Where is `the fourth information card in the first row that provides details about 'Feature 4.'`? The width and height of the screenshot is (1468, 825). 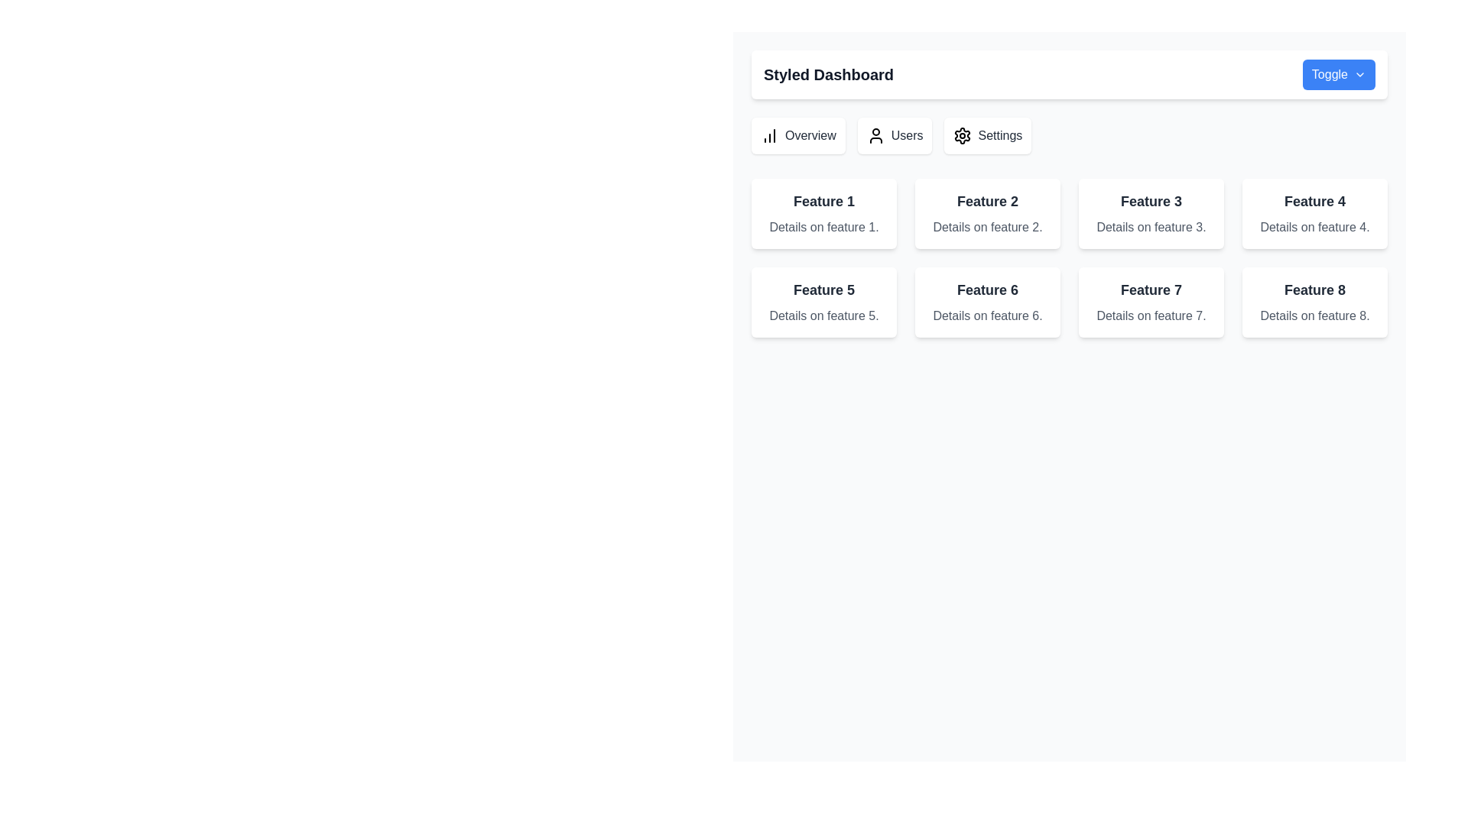 the fourth information card in the first row that provides details about 'Feature 4.' is located at coordinates (1314, 214).